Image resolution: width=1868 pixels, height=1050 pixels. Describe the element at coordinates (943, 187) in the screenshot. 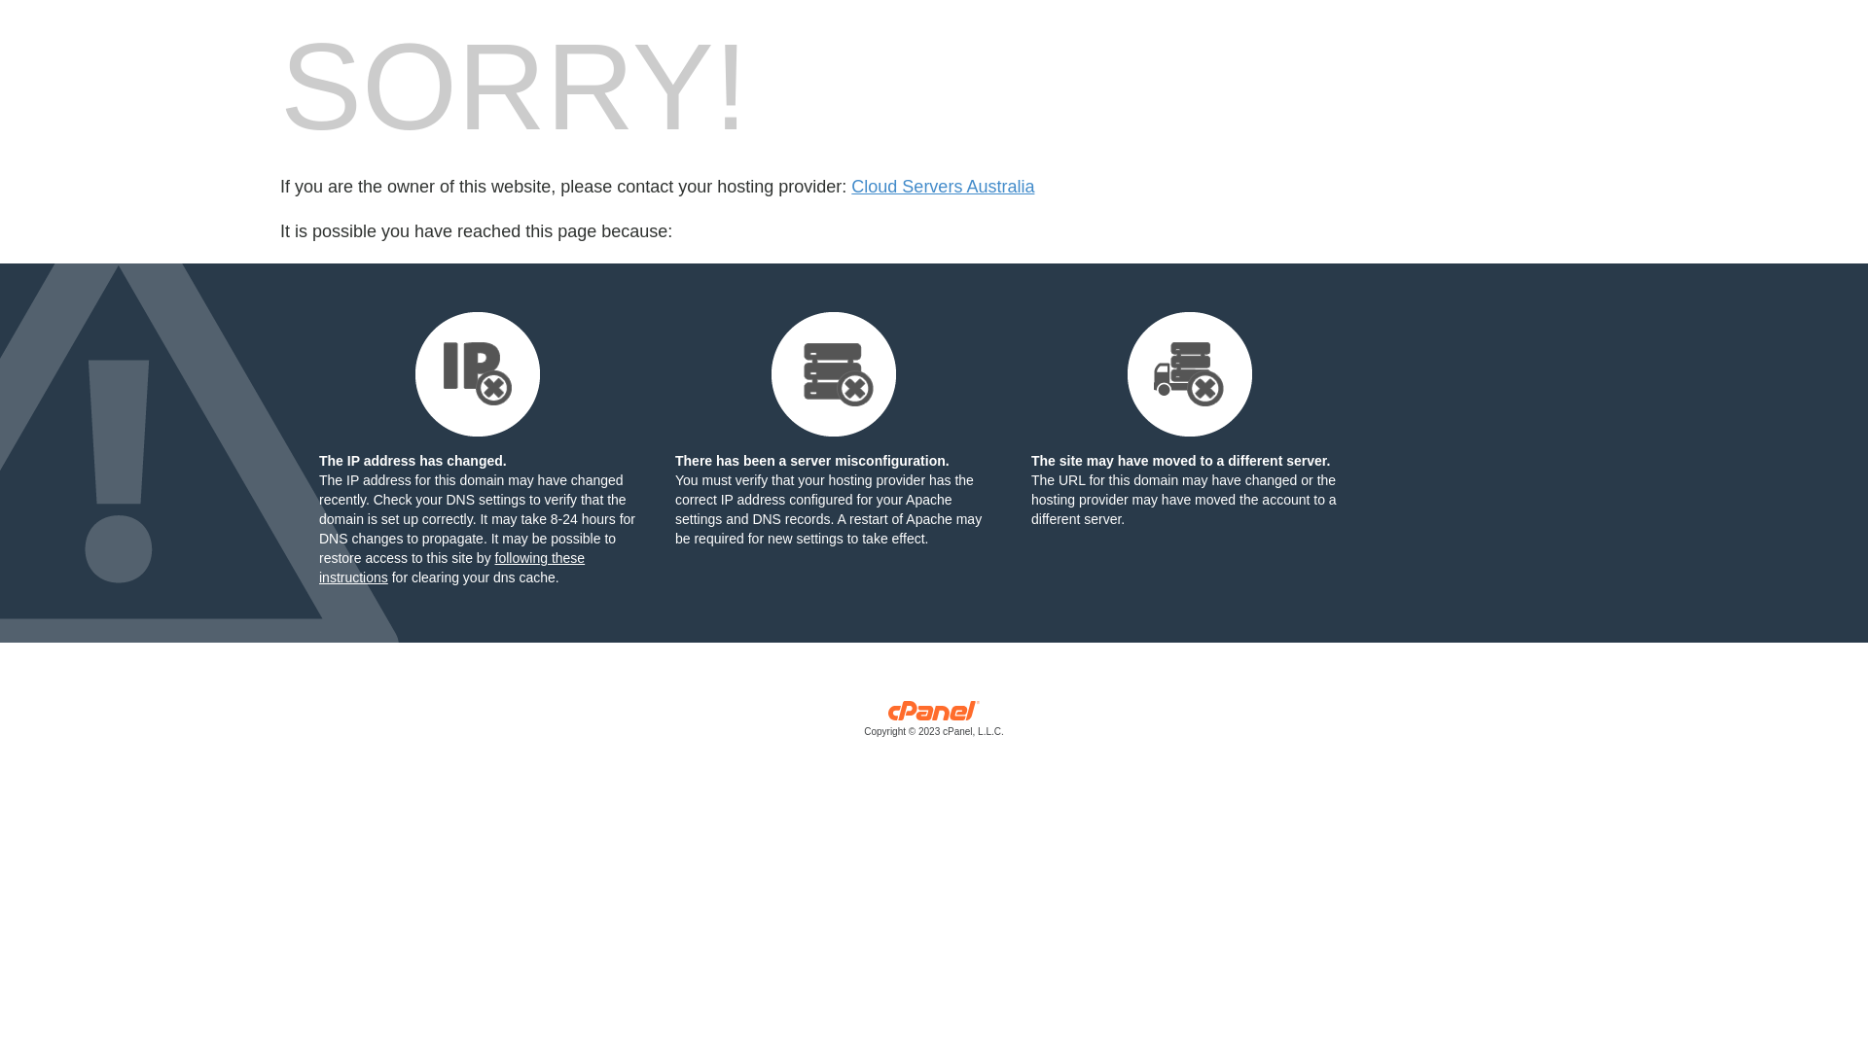

I see `'Cloud Servers Australia'` at that location.